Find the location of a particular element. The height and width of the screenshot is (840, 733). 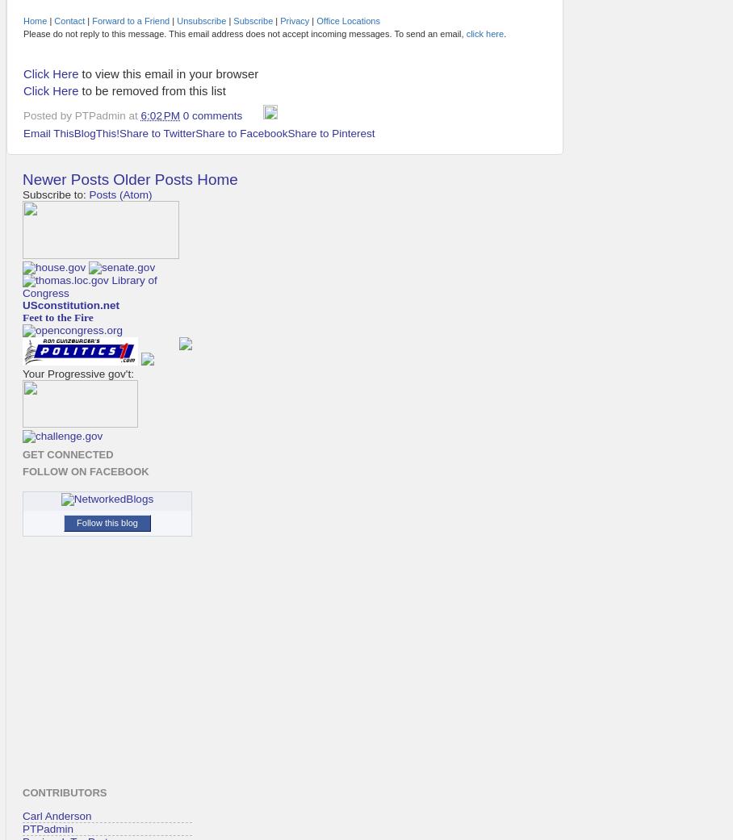

'0
comments' is located at coordinates (211, 115).